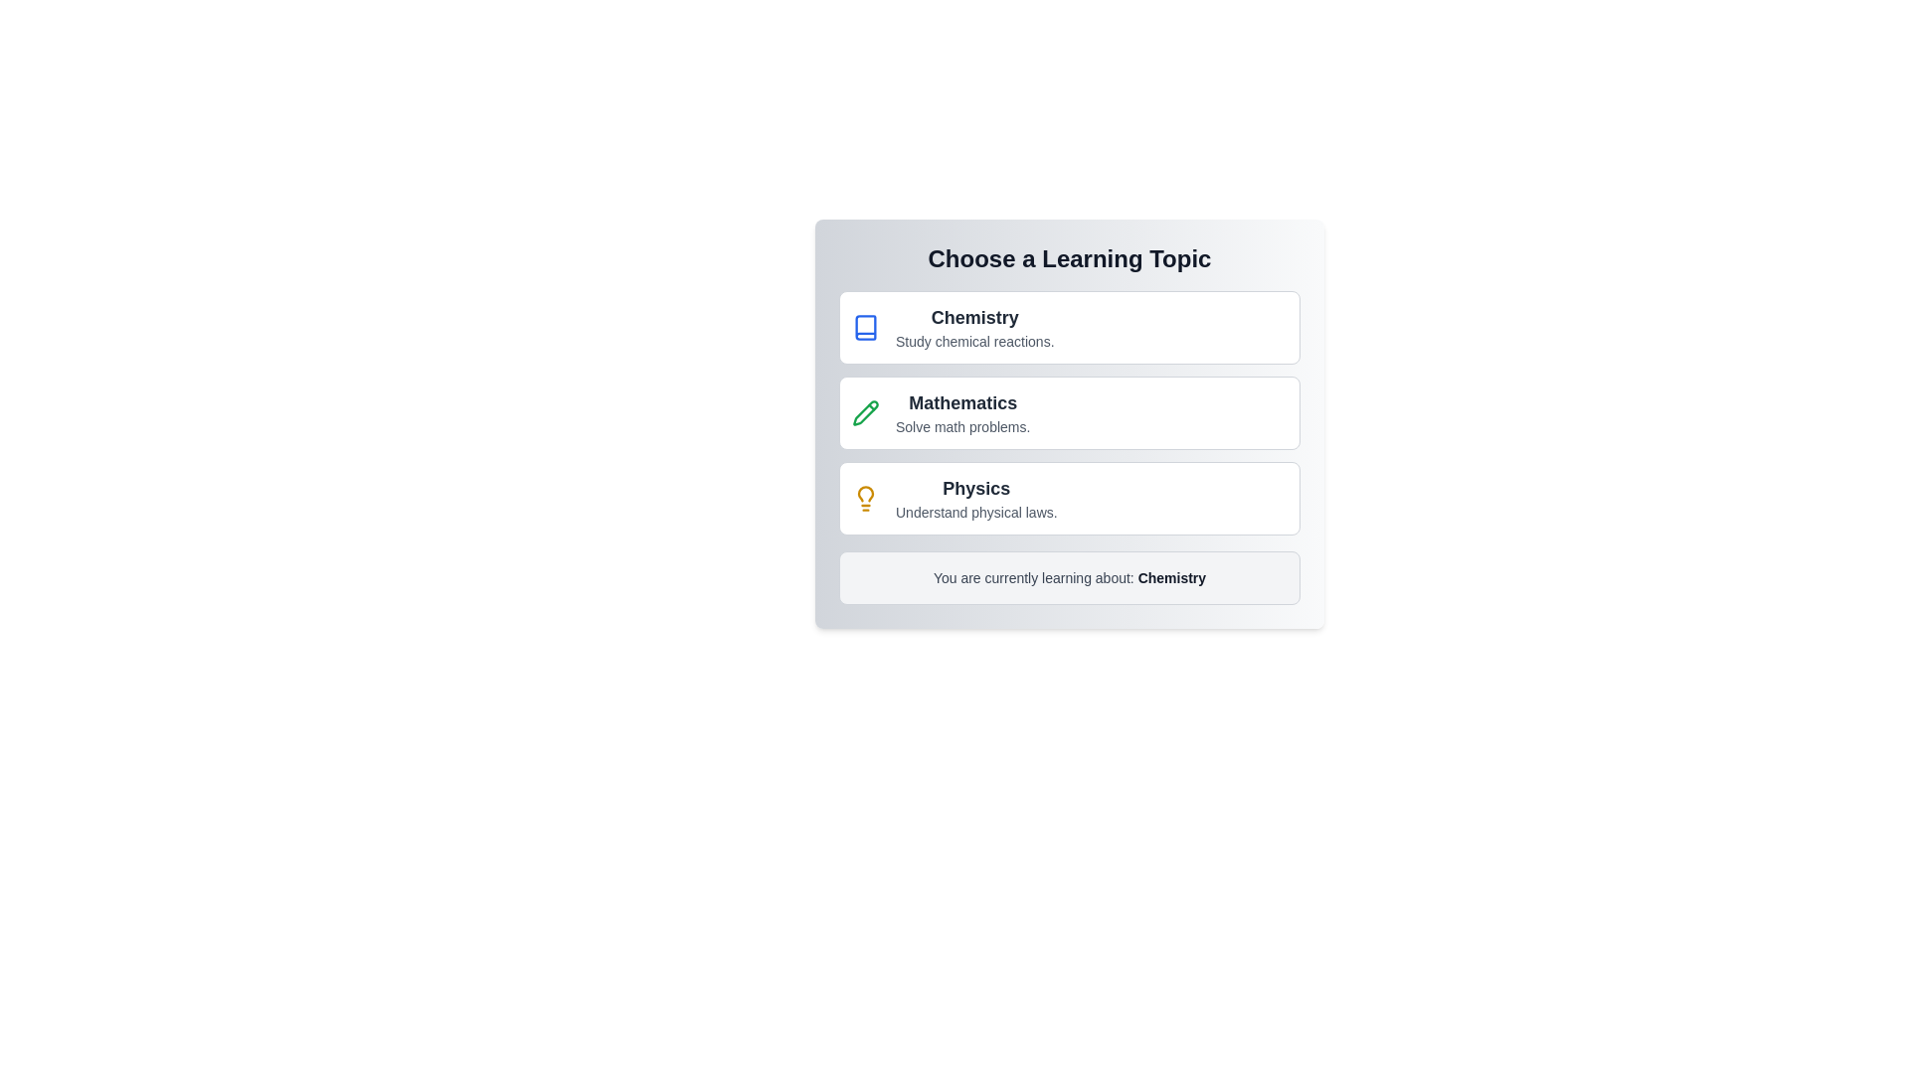 The height and width of the screenshot is (1073, 1909). Describe the element at coordinates (976, 489) in the screenshot. I see `text label titled 'Physics', which is the third item in a vertical list of learning topics, prominently styled with a bold font and dark gray color` at that location.